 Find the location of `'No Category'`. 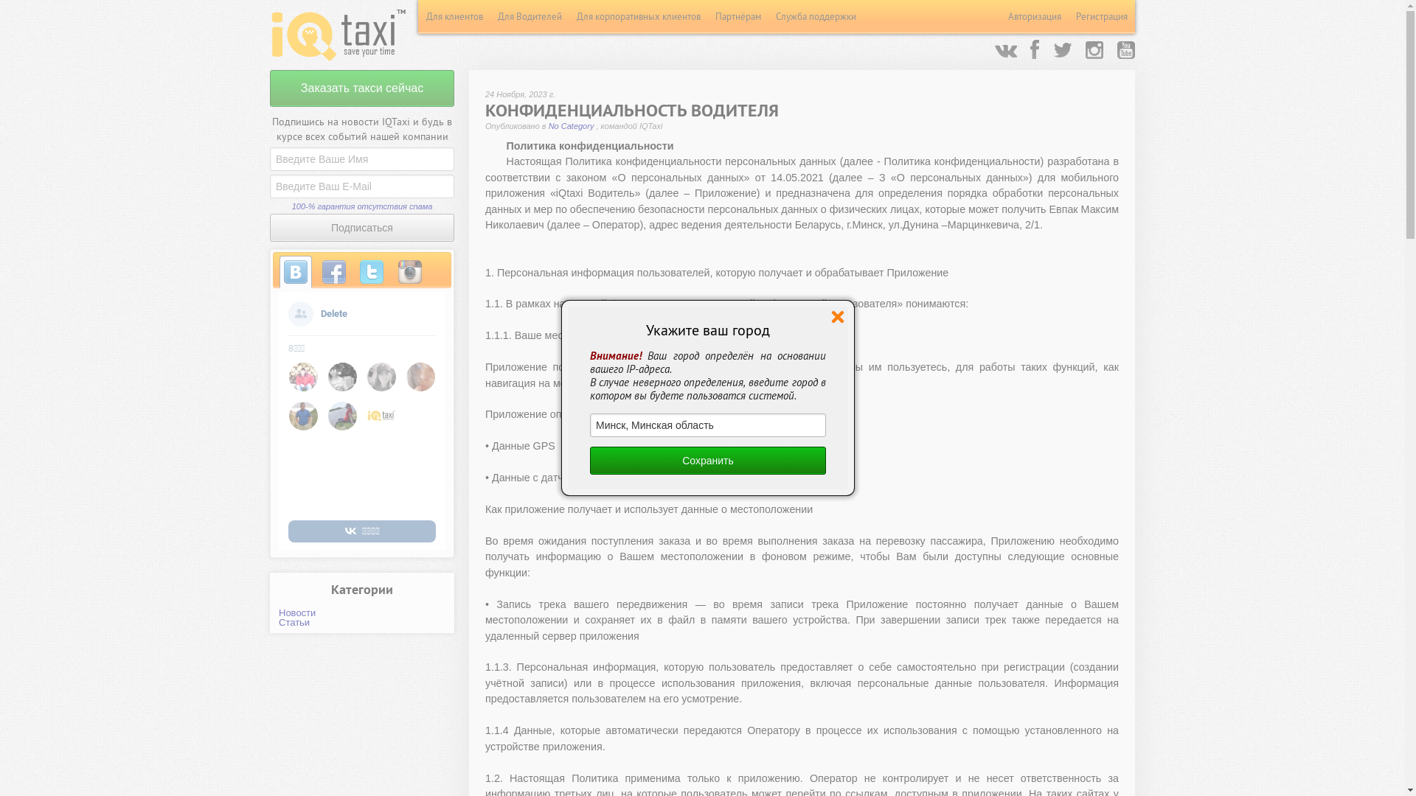

'No Category' is located at coordinates (572, 125).